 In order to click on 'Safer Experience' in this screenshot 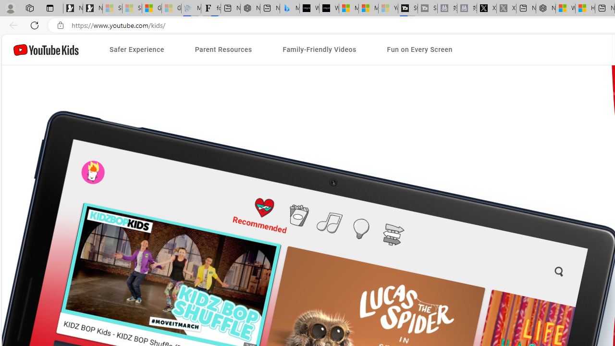, I will do `click(136, 49)`.